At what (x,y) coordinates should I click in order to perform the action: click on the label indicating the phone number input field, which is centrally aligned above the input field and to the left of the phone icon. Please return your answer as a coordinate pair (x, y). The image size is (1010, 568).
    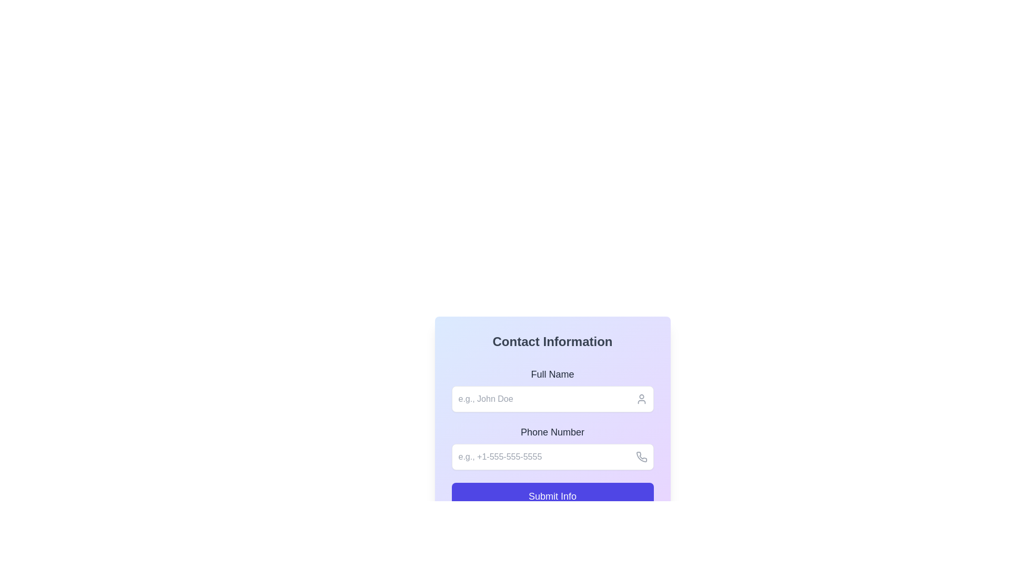
    Looking at the image, I should click on (552, 432).